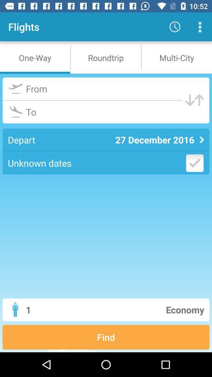  What do you see at coordinates (175, 27) in the screenshot?
I see `icon above multi-city` at bounding box center [175, 27].